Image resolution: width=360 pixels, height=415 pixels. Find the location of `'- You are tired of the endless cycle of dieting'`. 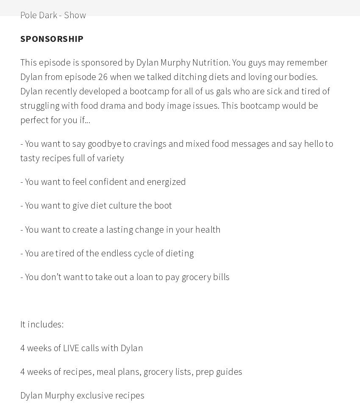

'- You are tired of the endless cycle of dieting' is located at coordinates (107, 253).